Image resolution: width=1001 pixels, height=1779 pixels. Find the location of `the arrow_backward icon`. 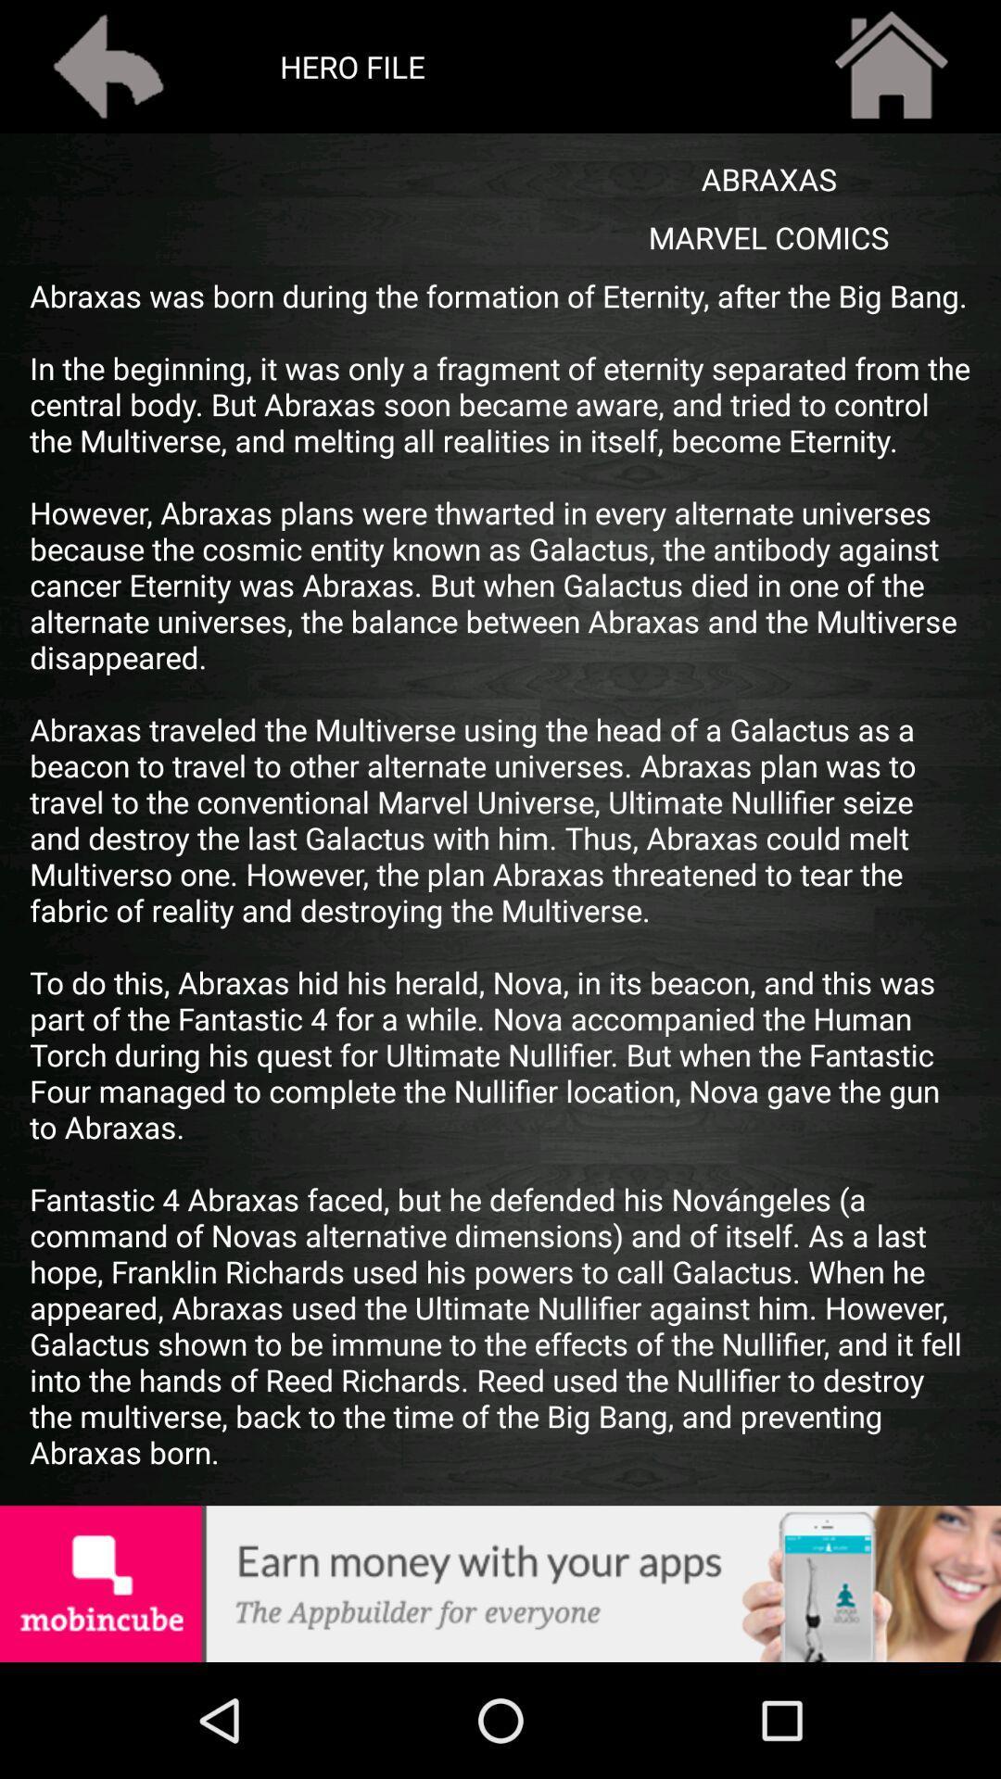

the arrow_backward icon is located at coordinates (108, 70).